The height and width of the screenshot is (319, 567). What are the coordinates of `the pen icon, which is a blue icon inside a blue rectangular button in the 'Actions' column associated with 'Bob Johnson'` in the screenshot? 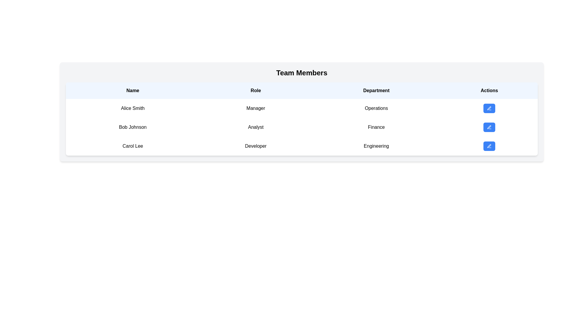 It's located at (489, 127).